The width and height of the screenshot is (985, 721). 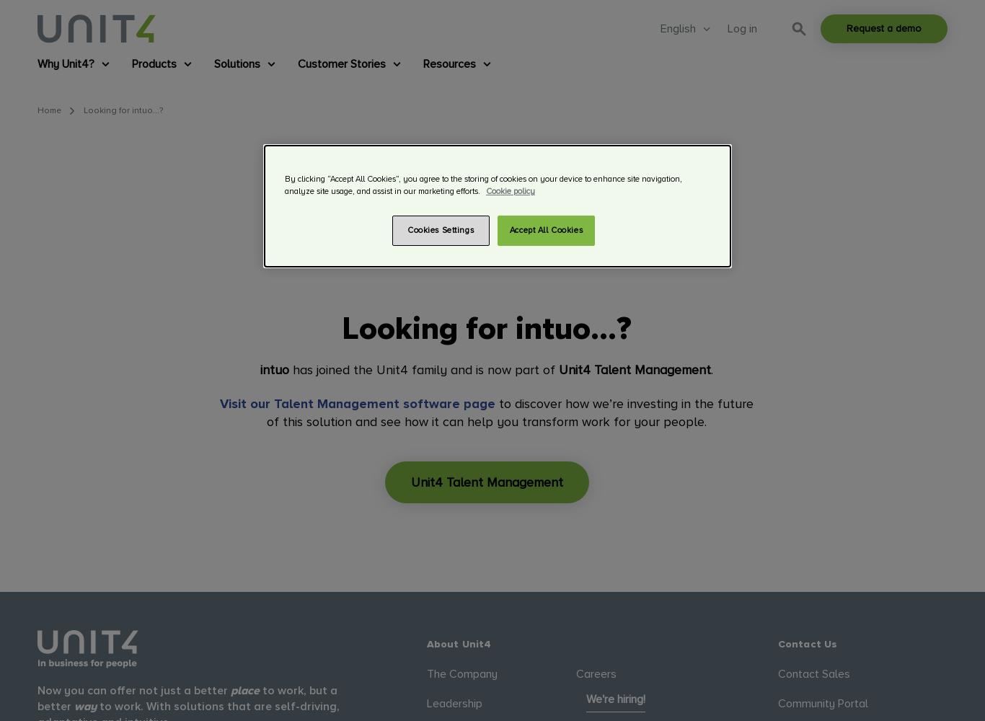 I want to click on 'Visit our Talent Management software page', so click(x=357, y=403).